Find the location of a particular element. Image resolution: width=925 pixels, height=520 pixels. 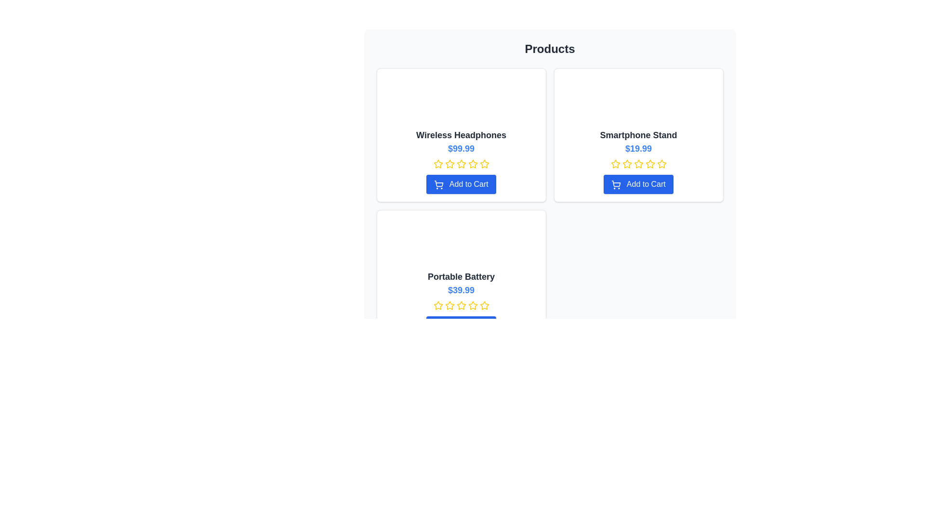

the third yellow star icon in the five-star rating system for the 'Smartphone Stand' product card is located at coordinates (649, 163).